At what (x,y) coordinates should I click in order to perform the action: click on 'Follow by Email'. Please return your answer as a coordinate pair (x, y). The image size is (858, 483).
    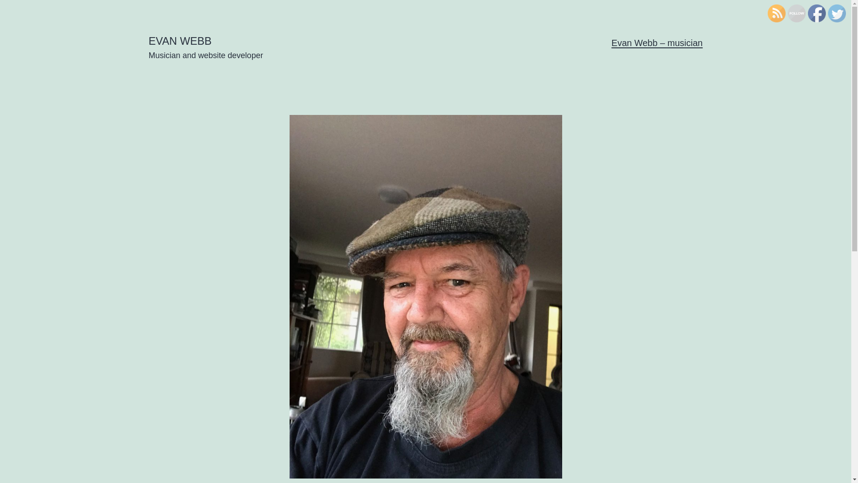
    Looking at the image, I should click on (787, 13).